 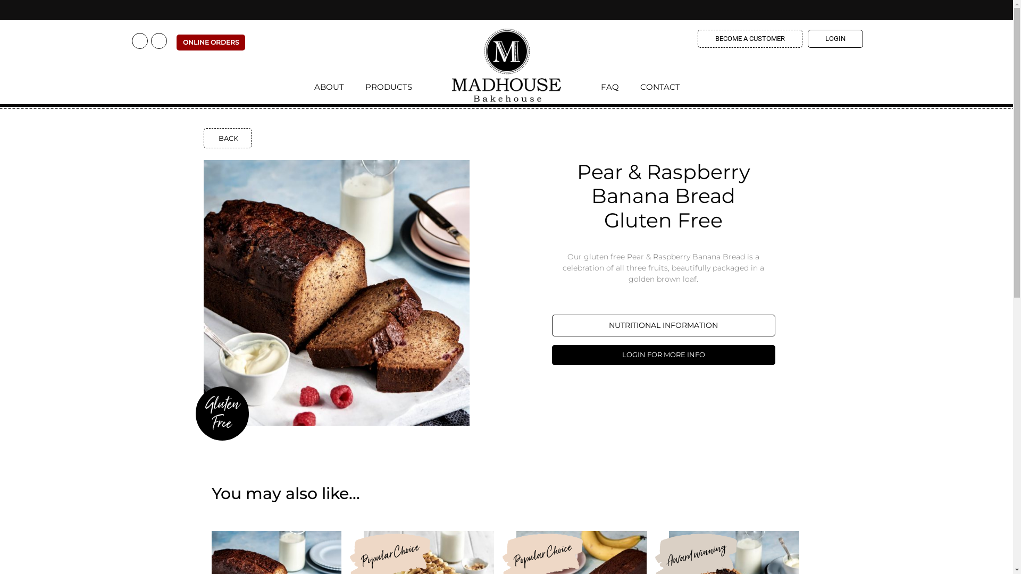 What do you see at coordinates (355, 89) in the screenshot?
I see `'PRODUCTS'` at bounding box center [355, 89].